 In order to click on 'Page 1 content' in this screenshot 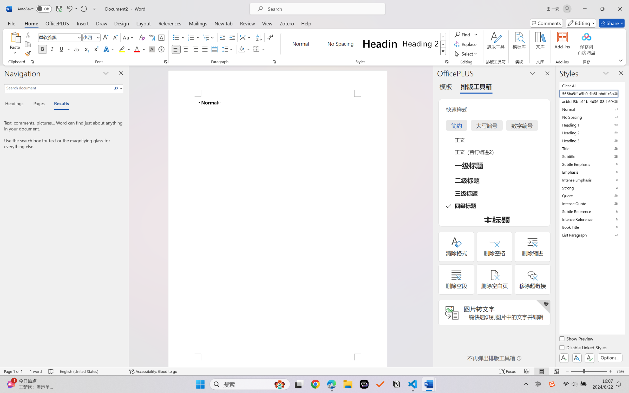, I will do `click(277, 225)`.